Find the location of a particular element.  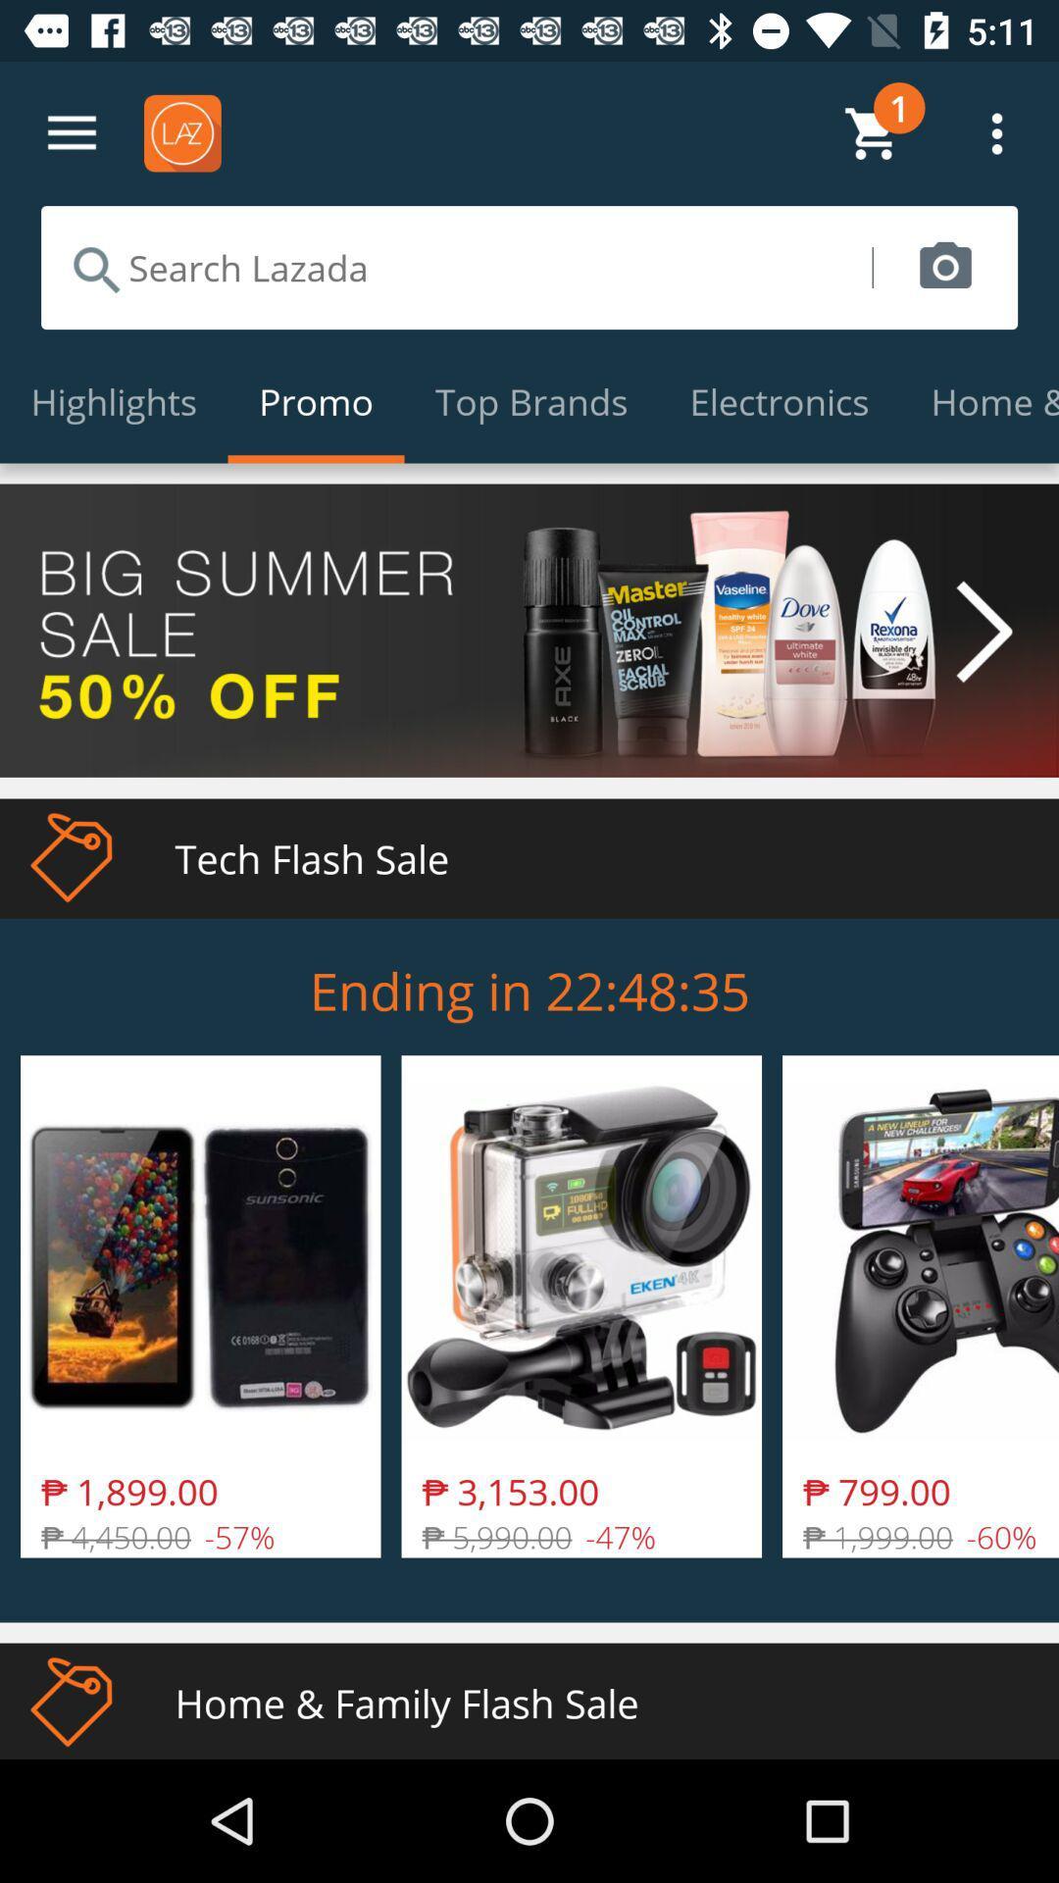

search is located at coordinates (456, 267).